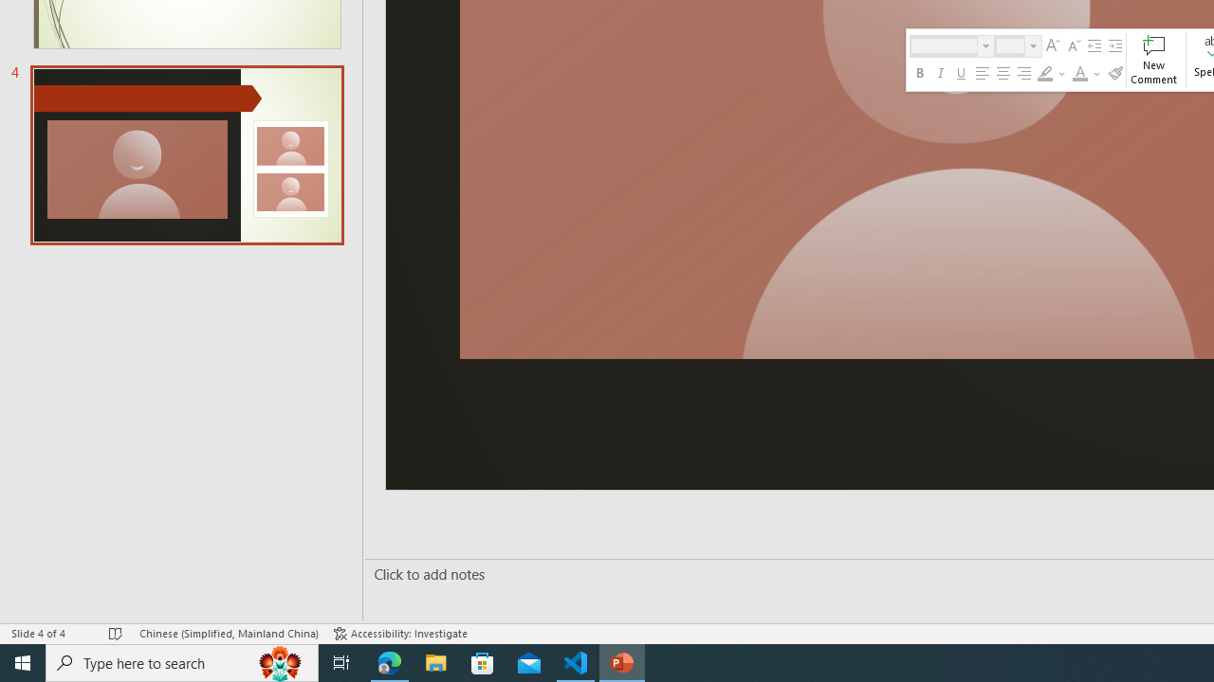 Image resolution: width=1214 pixels, height=682 pixels. I want to click on 'Class: NetUITextbox', so click(1009, 45).